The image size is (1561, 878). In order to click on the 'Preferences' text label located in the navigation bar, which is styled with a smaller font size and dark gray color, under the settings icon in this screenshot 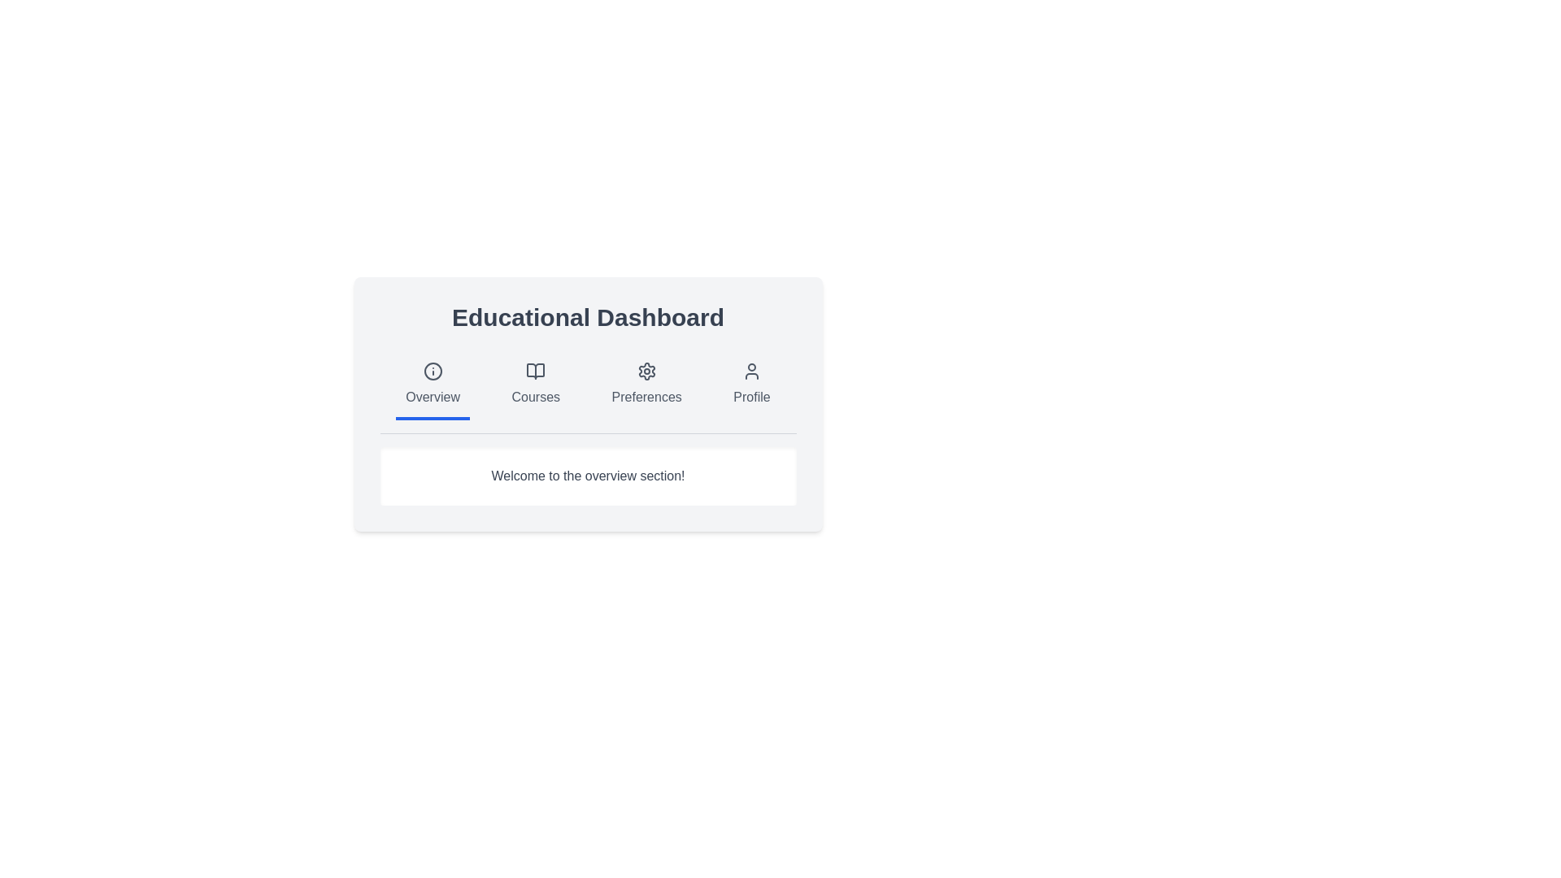, I will do `click(646, 398)`.